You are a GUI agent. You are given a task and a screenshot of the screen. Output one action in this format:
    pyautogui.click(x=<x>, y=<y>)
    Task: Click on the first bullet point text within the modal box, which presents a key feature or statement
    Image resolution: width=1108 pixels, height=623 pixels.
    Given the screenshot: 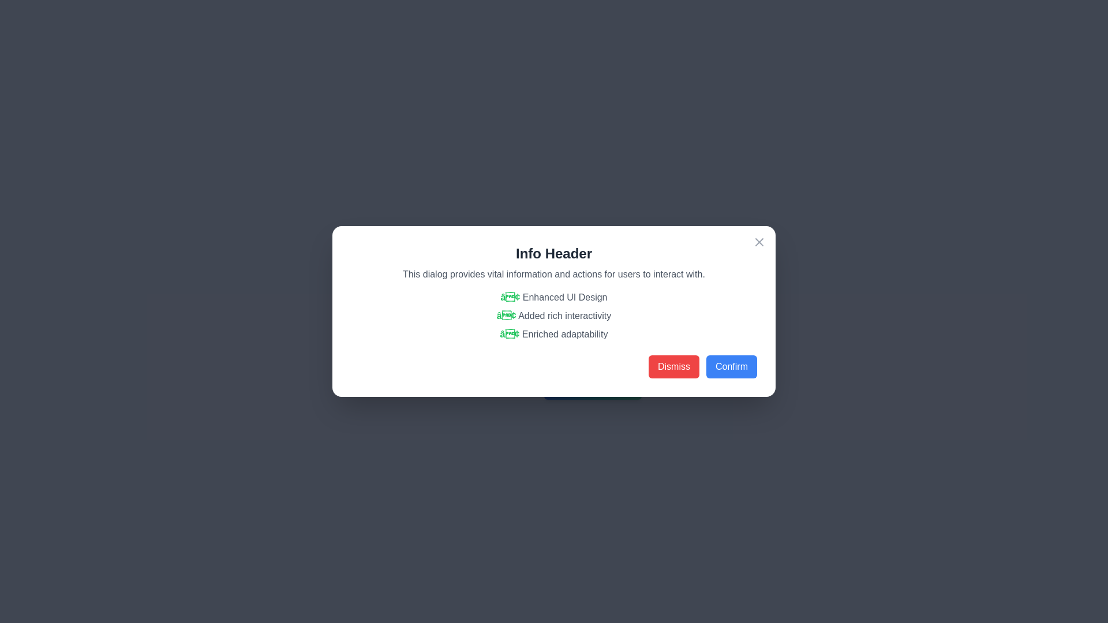 What is the action you would take?
    pyautogui.click(x=554, y=297)
    